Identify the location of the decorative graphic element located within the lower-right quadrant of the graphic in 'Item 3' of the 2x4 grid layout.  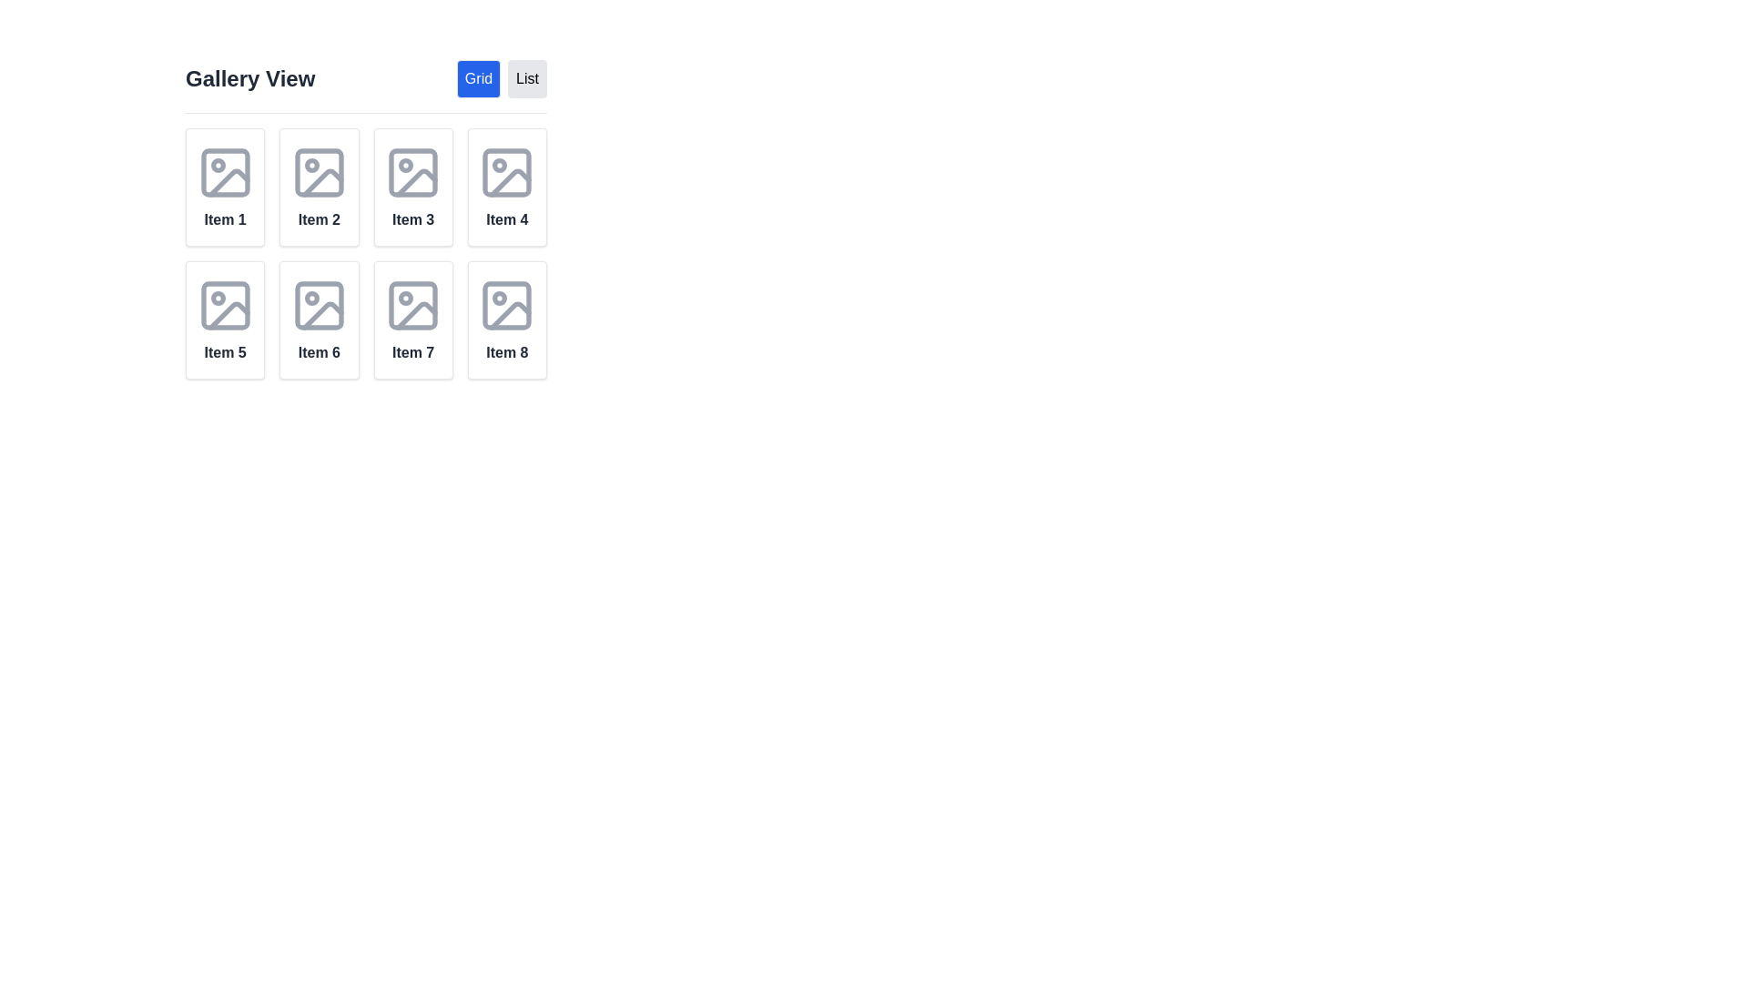
(416, 183).